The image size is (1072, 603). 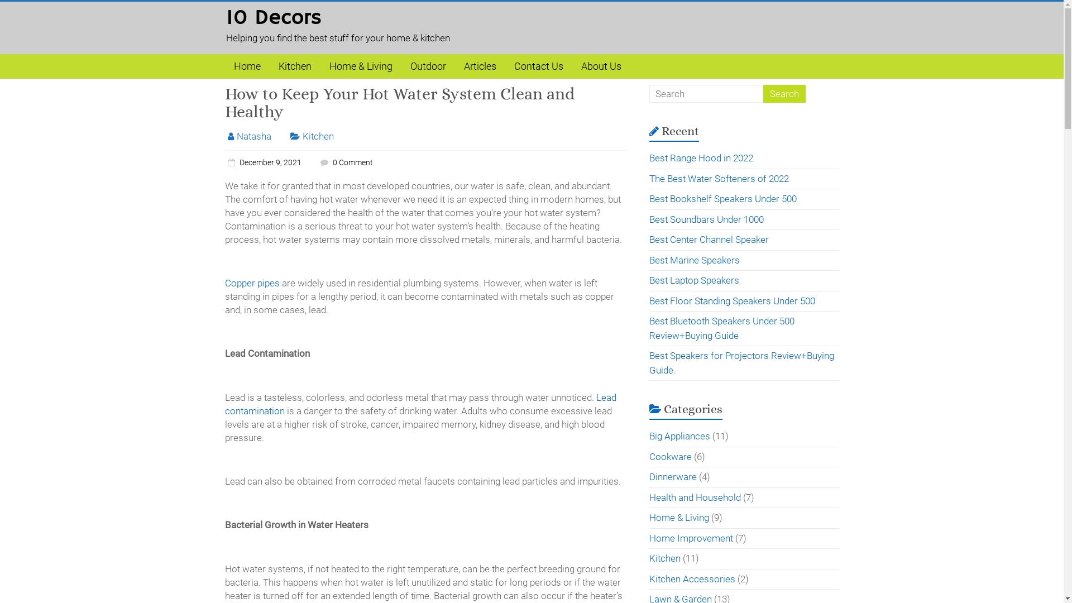 What do you see at coordinates (318, 135) in the screenshot?
I see `'Kitchen'` at bounding box center [318, 135].